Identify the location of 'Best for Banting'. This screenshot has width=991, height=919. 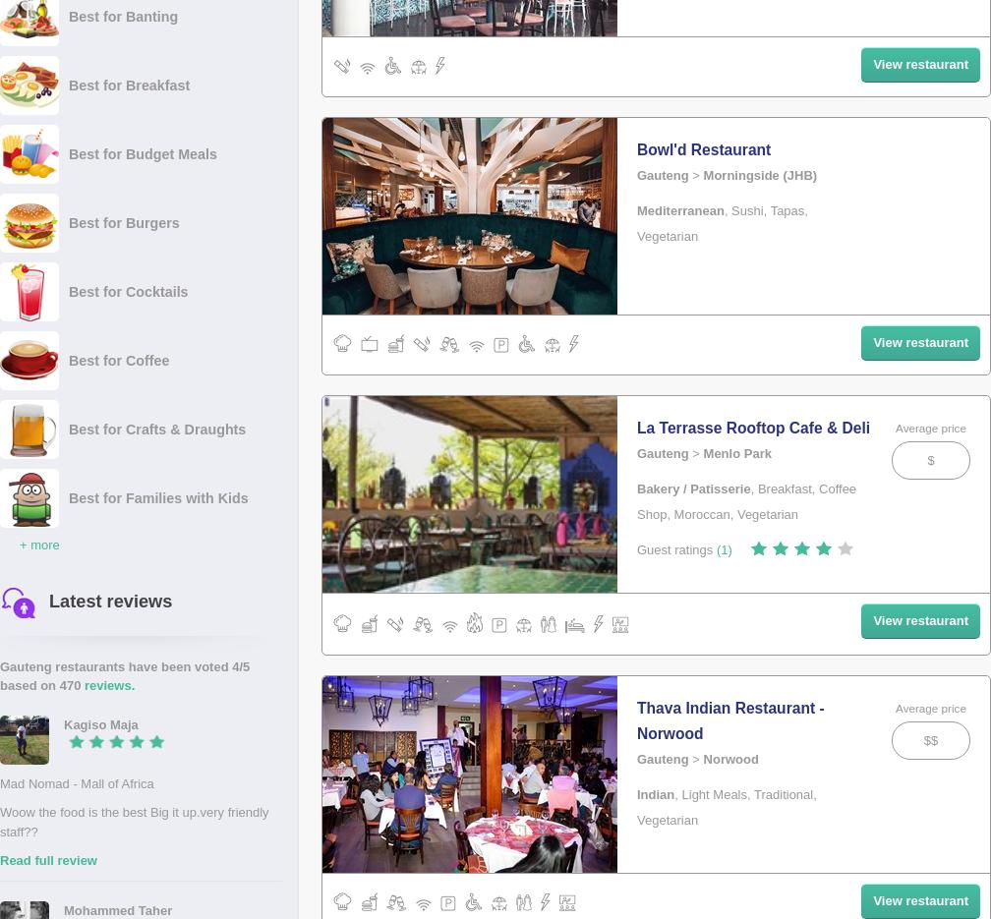
(123, 14).